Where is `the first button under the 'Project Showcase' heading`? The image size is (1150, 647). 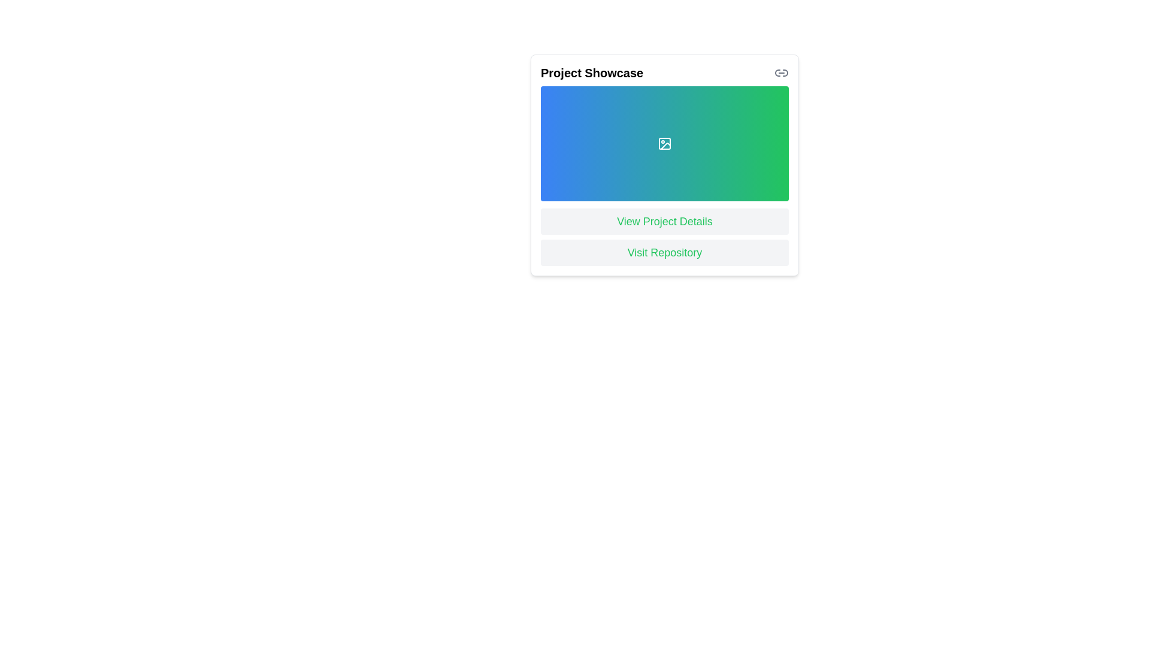
the first button under the 'Project Showcase' heading is located at coordinates (664, 222).